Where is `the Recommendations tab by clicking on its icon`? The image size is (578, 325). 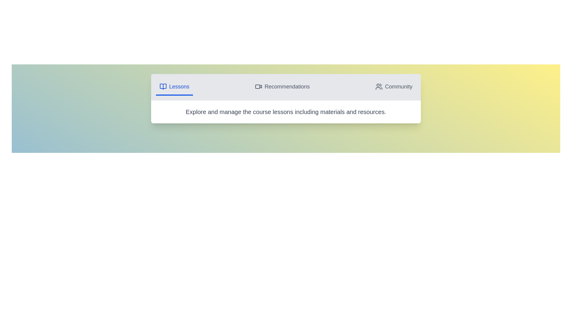 the Recommendations tab by clicking on its icon is located at coordinates (282, 87).